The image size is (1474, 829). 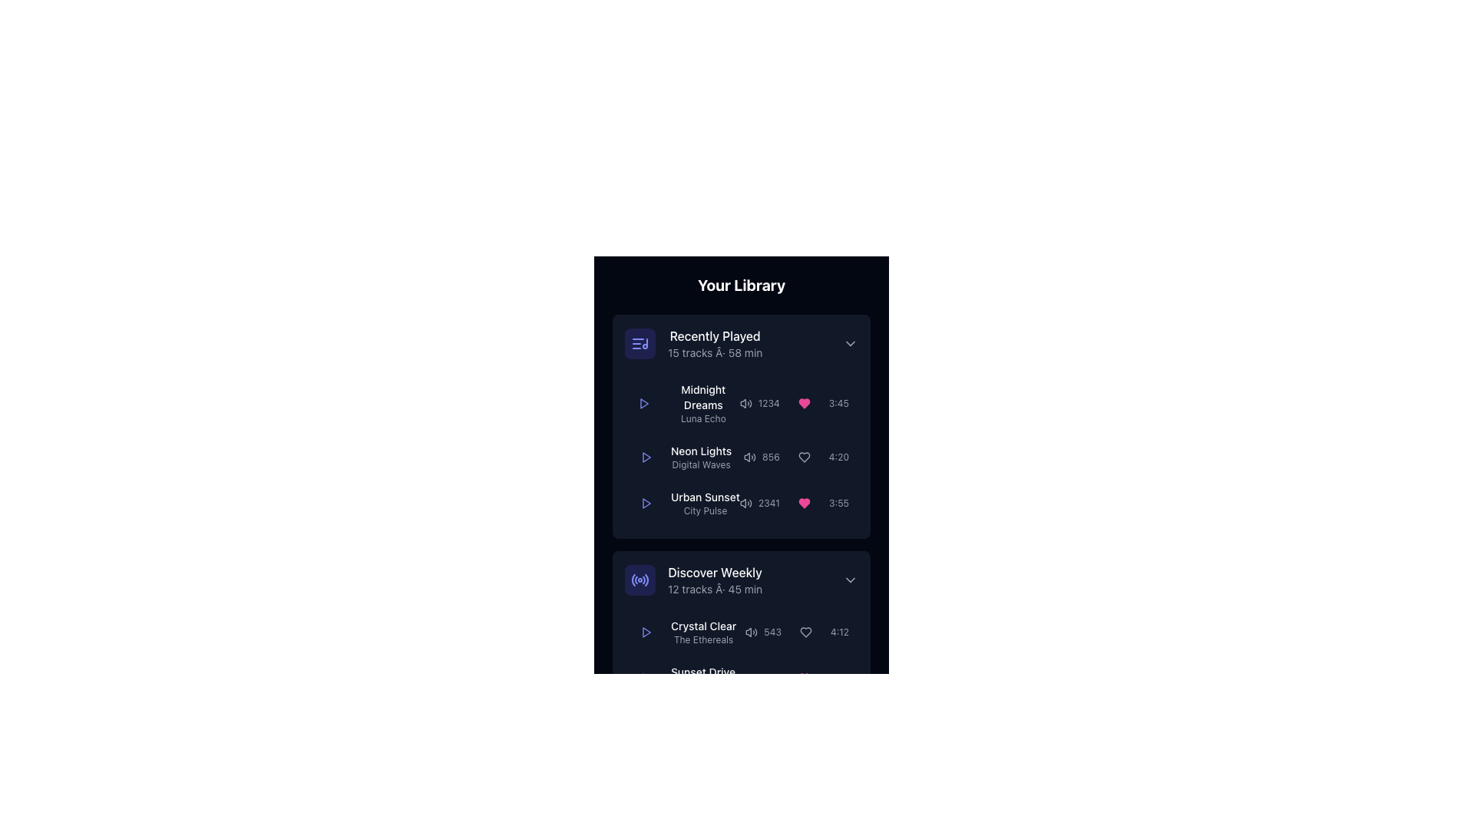 I want to click on the circular play button with a triangular 'play' icon to initiate playback of the content, so click(x=646, y=677).